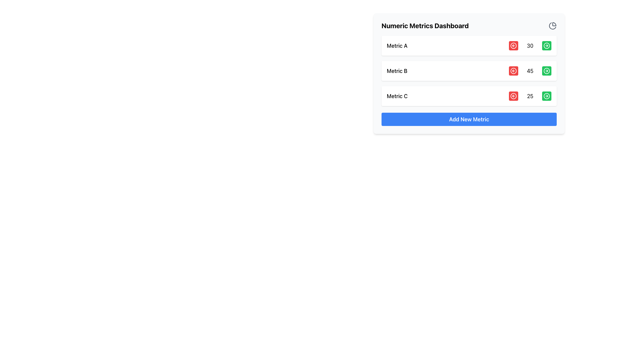  I want to click on the button located in the bottommost row of the metrics dashboard, to the right side of the text '25', which is part of the green icon group, so click(546, 96).